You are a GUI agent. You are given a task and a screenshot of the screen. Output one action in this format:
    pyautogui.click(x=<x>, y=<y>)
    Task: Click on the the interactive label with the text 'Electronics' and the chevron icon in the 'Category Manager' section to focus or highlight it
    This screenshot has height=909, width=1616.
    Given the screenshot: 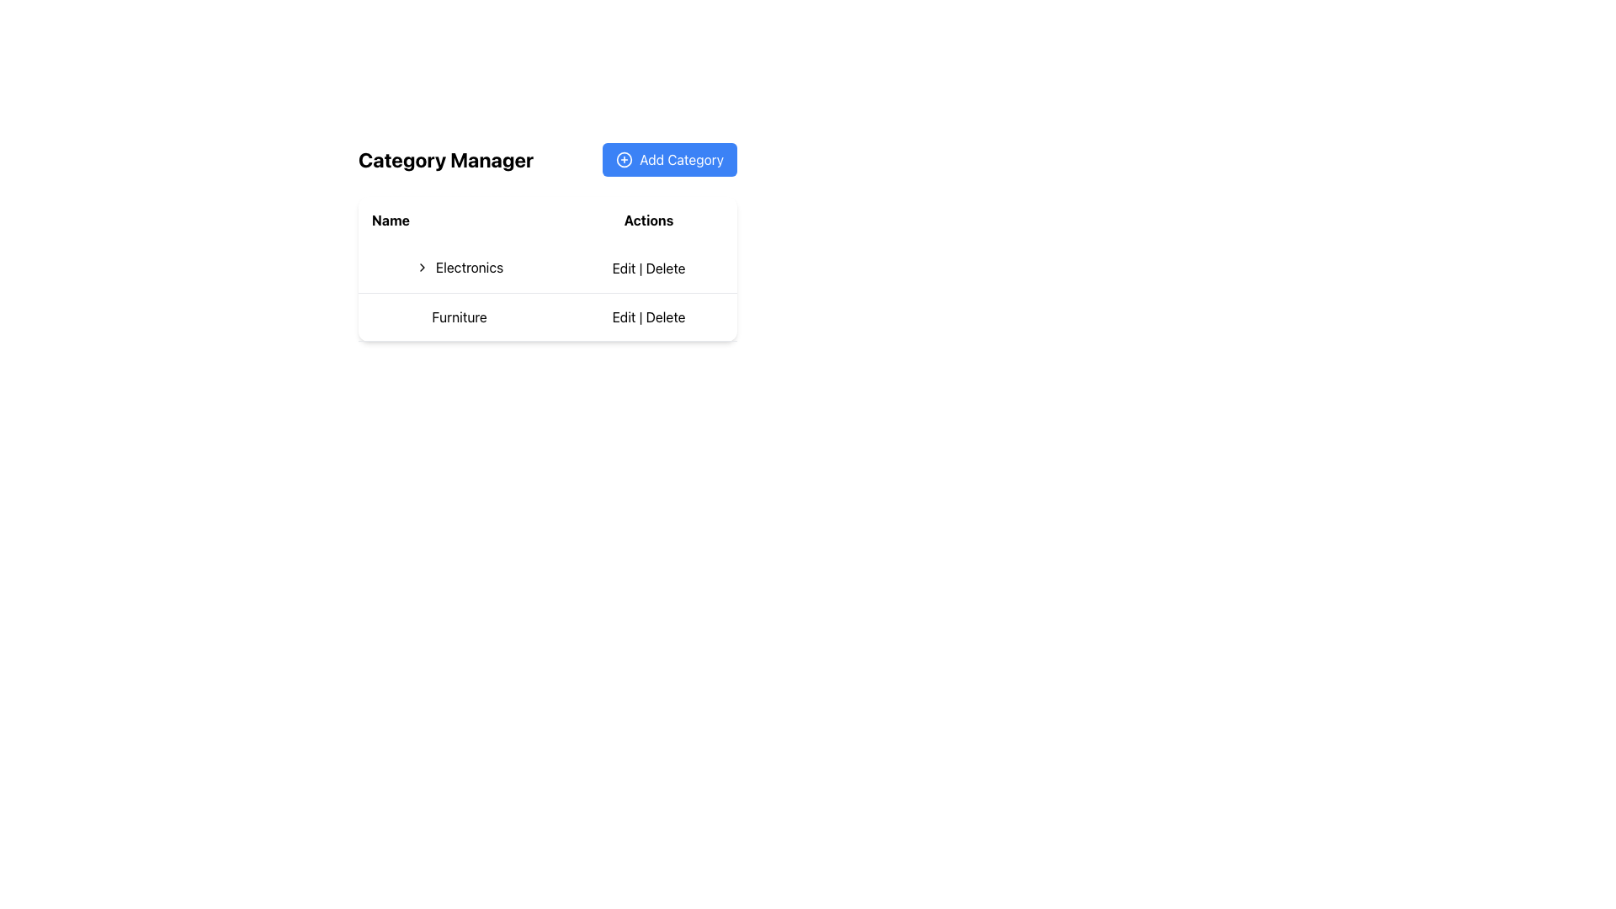 What is the action you would take?
    pyautogui.click(x=460, y=266)
    